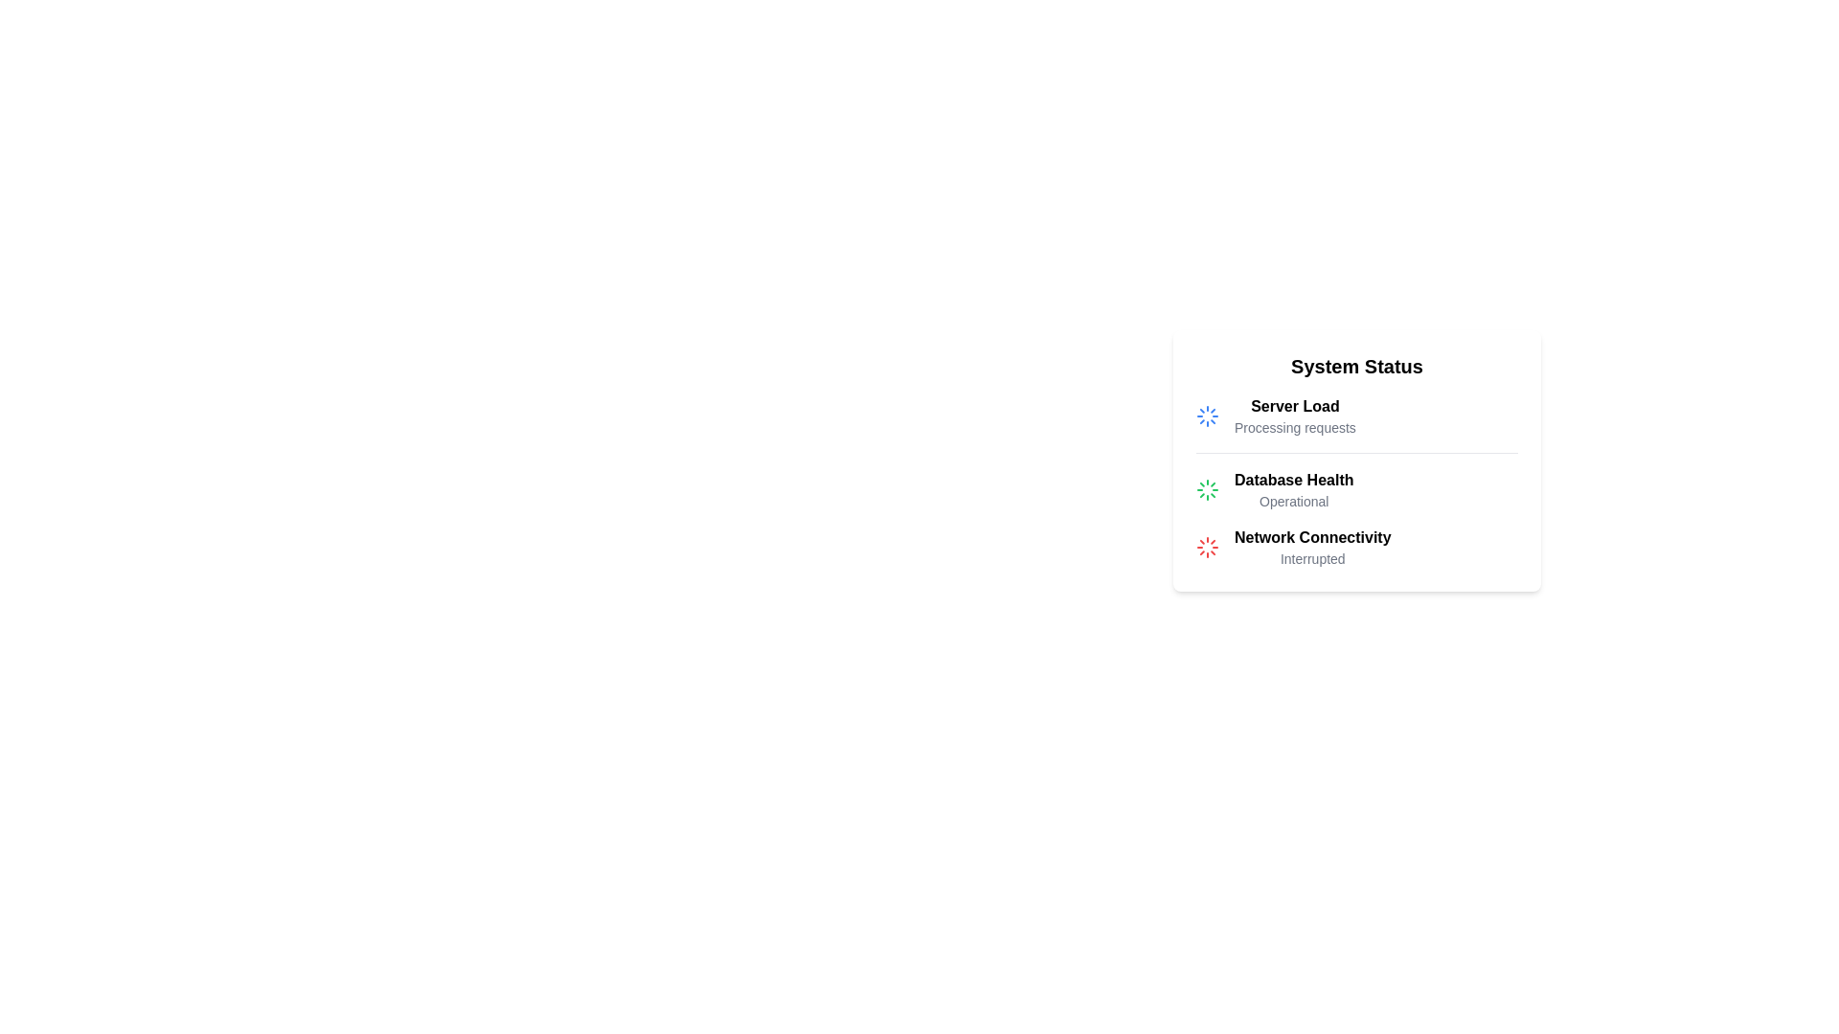 This screenshot has width=1839, height=1034. What do you see at coordinates (1311, 558) in the screenshot?
I see `the status descriptor text label that informs the user about the current state of Network Connectivity, located directly below the bold 'Network Connectivity' text as part of the 'System Status' section` at bounding box center [1311, 558].